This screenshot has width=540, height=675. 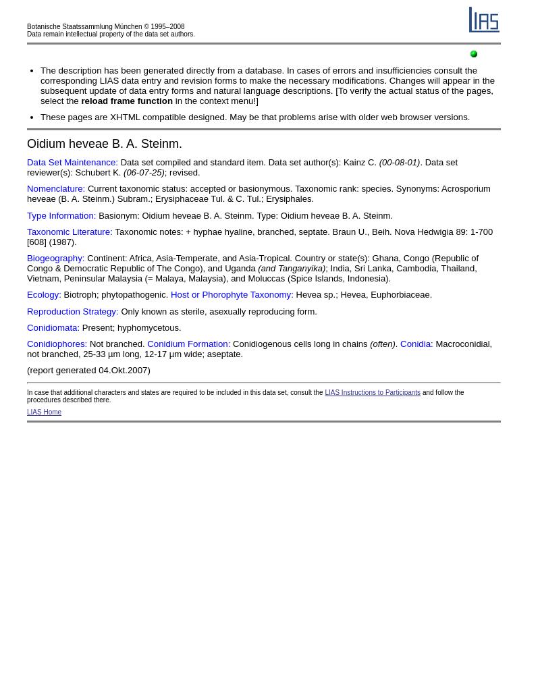 I want to click on 'Hevea sp.;', so click(x=316, y=294).